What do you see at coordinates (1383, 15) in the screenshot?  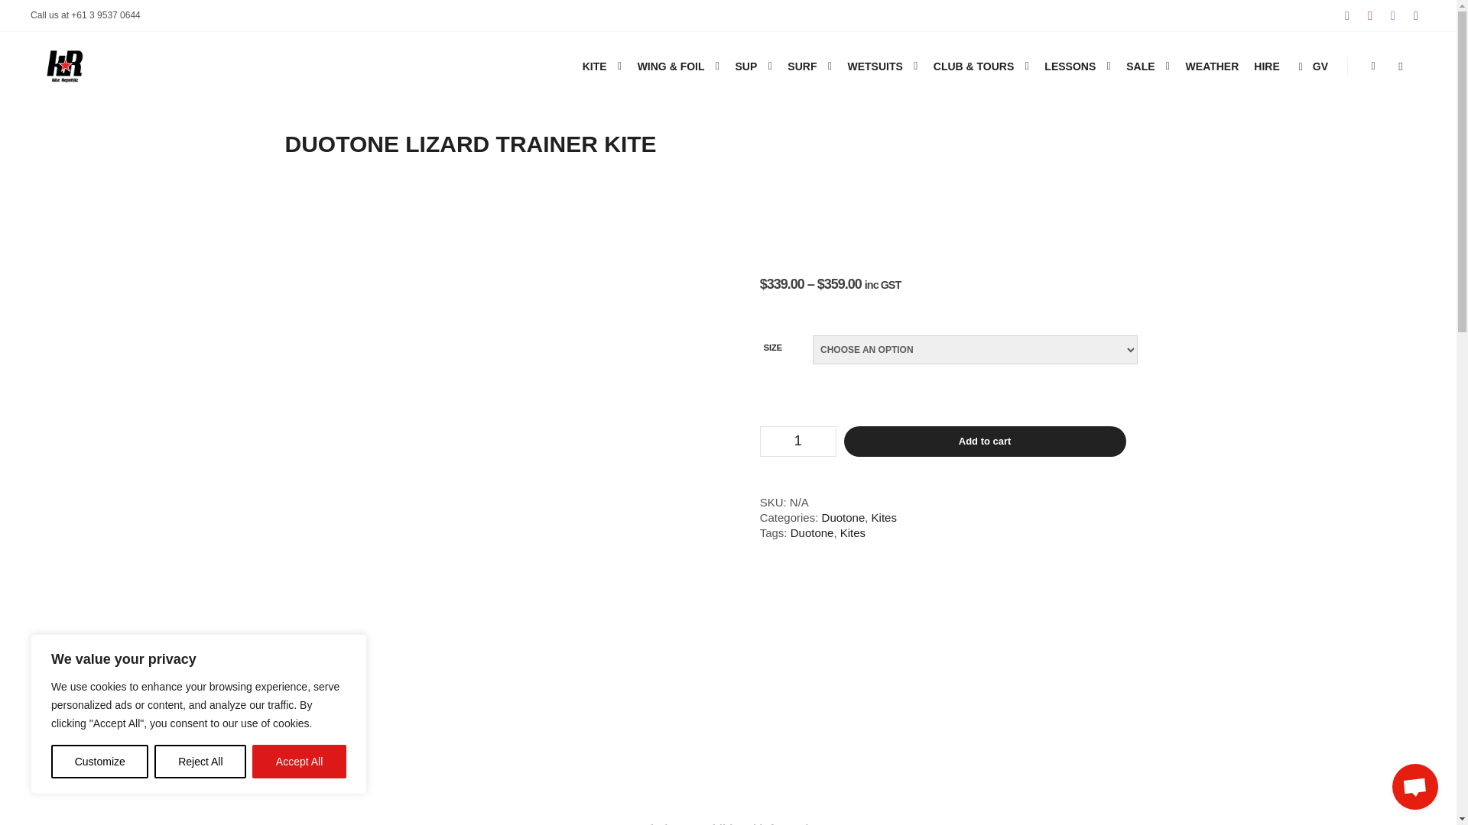 I see `'Facebook'` at bounding box center [1383, 15].